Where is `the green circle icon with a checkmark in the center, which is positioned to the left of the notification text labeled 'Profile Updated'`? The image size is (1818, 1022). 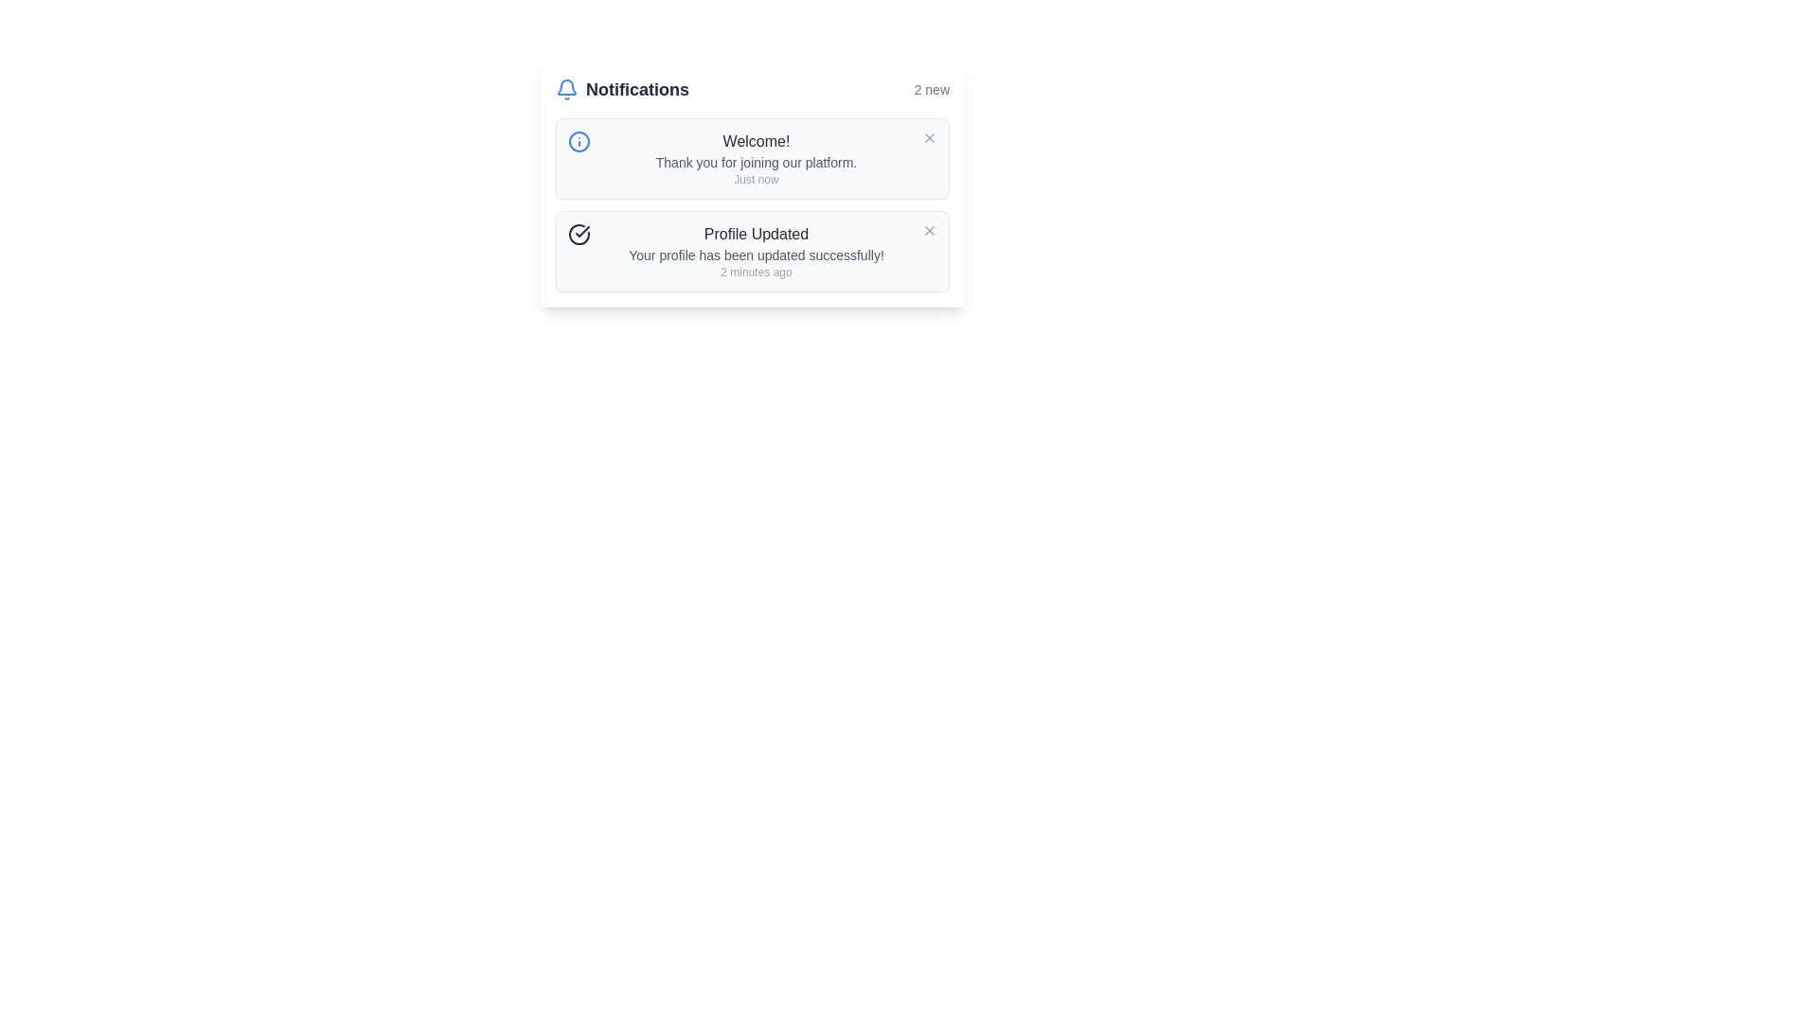
the green circle icon with a checkmark in the center, which is positioned to the left of the notification text labeled 'Profile Updated' is located at coordinates (578, 233).